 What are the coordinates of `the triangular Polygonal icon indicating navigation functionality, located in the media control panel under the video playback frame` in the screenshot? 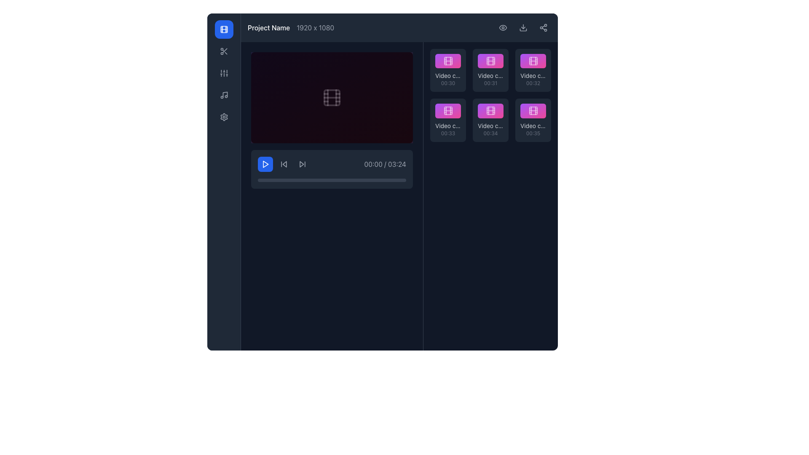 It's located at (302, 164).